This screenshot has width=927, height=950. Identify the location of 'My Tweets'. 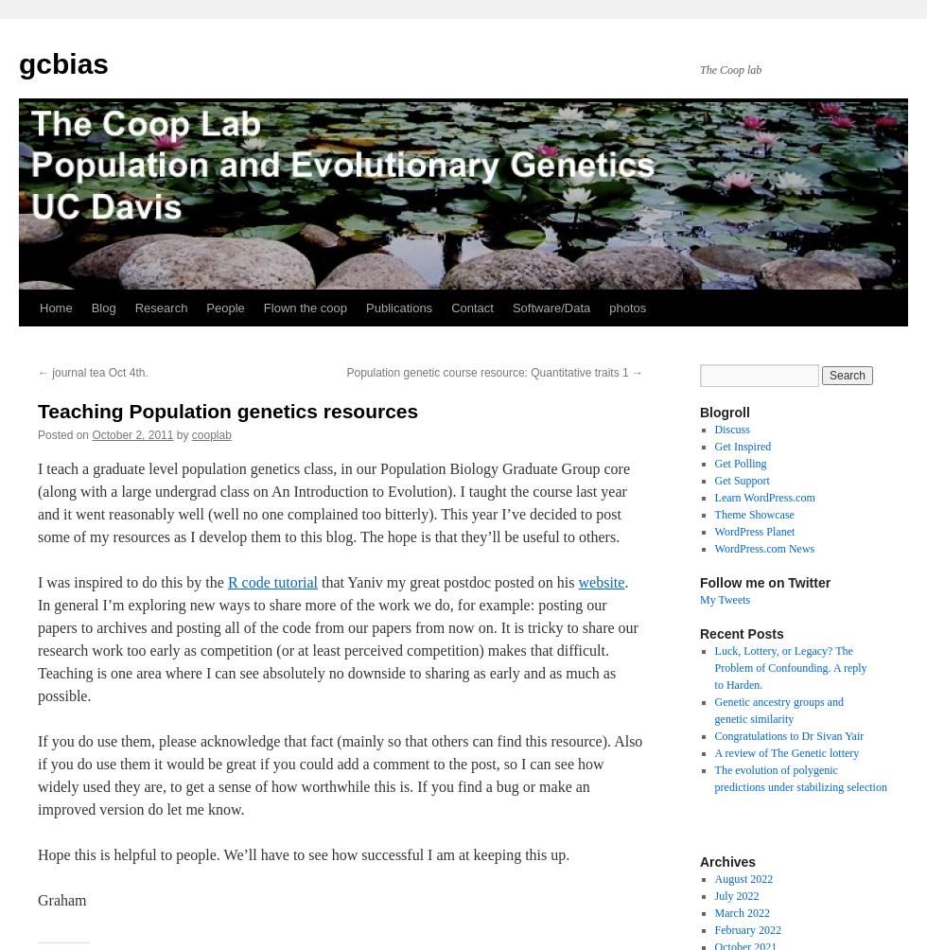
(725, 599).